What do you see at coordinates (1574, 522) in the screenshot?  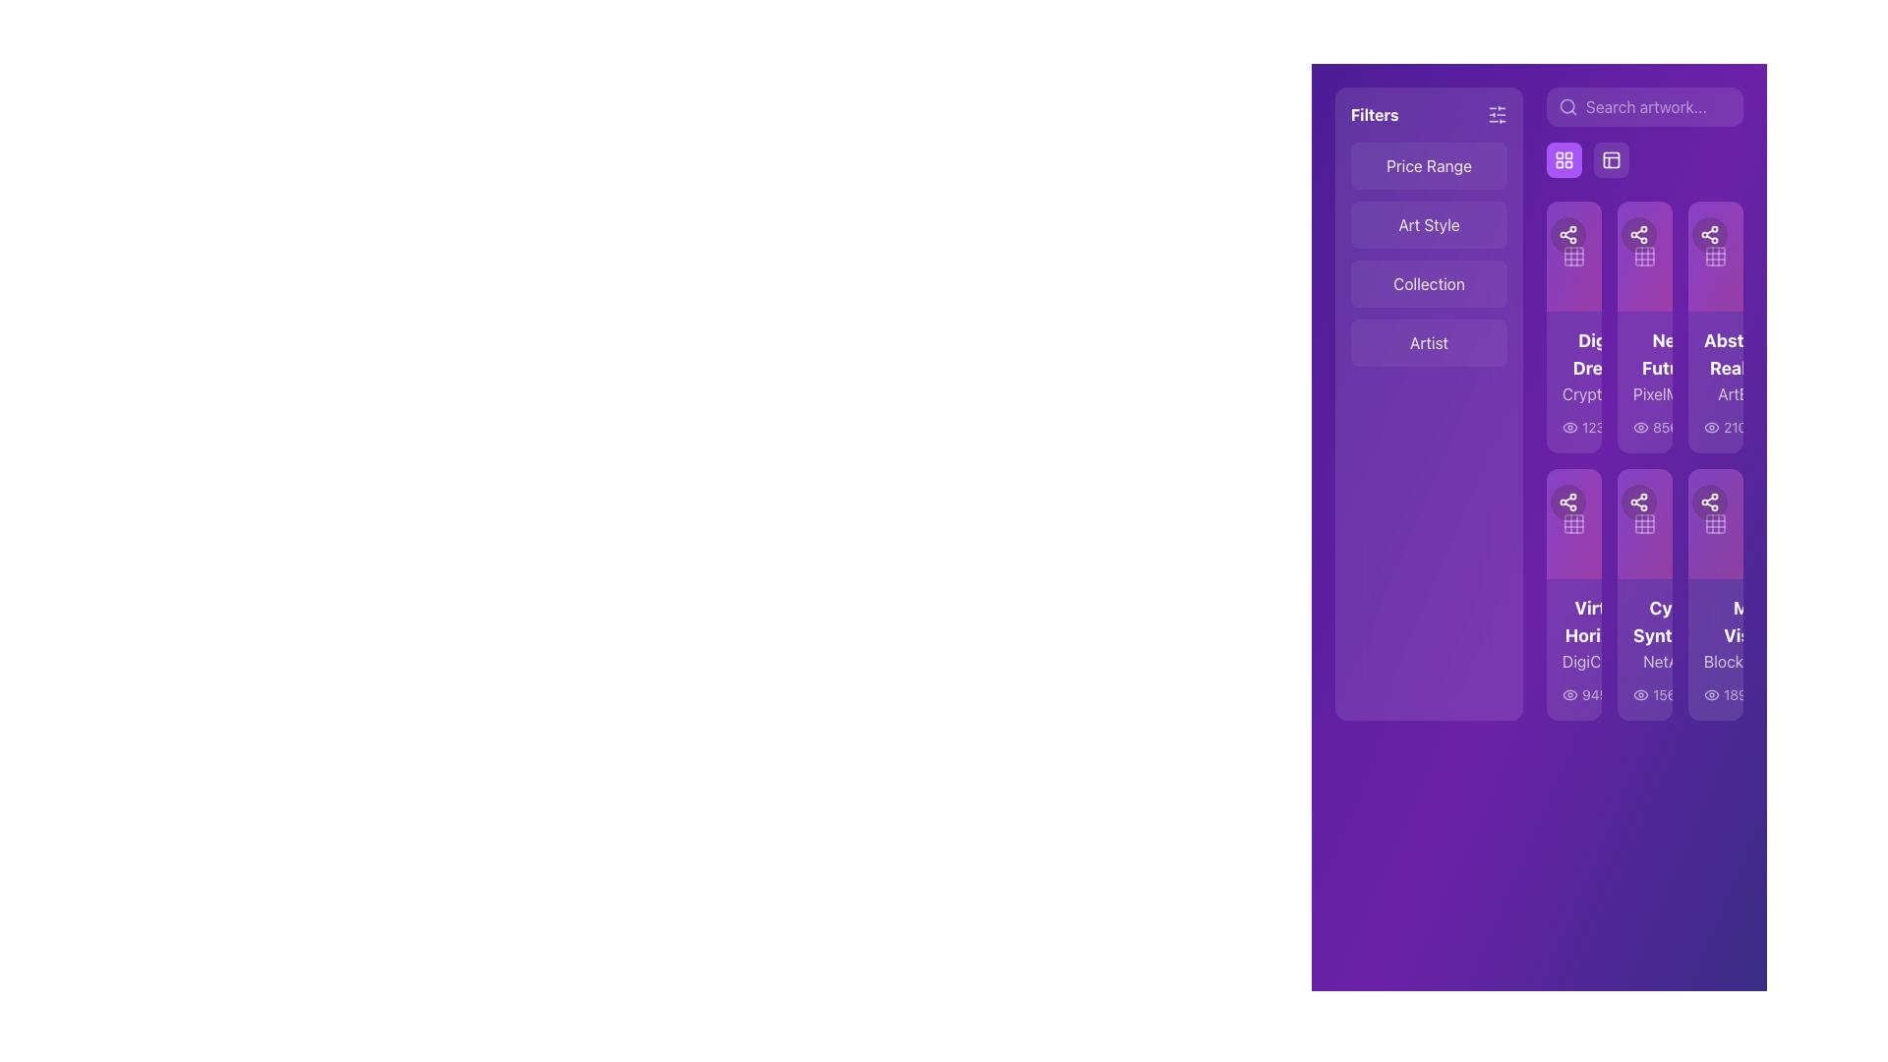 I see `the grid icon button` at bounding box center [1574, 522].